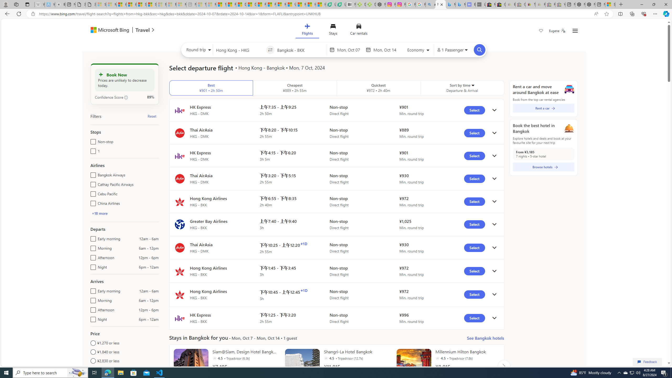 Image resolution: width=672 pixels, height=378 pixels. What do you see at coordinates (92, 150) in the screenshot?
I see `'1'` at bounding box center [92, 150].